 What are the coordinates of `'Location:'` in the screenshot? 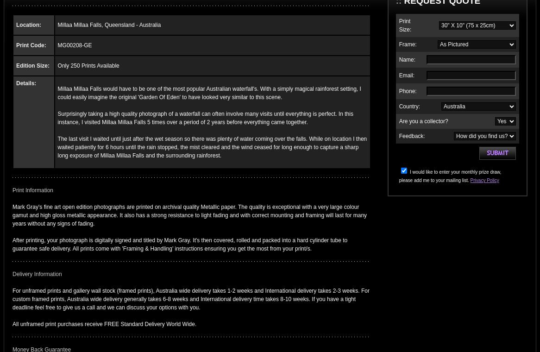 It's located at (28, 25).